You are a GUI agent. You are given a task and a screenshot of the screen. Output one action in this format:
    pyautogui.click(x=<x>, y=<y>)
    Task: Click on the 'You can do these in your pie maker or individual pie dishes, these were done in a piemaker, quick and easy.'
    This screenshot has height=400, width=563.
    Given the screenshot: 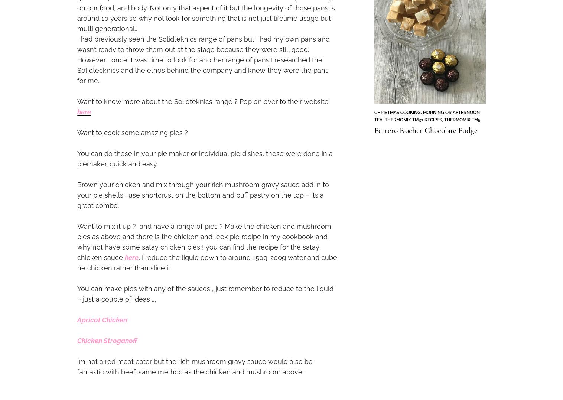 What is the action you would take?
    pyautogui.click(x=204, y=158)
    